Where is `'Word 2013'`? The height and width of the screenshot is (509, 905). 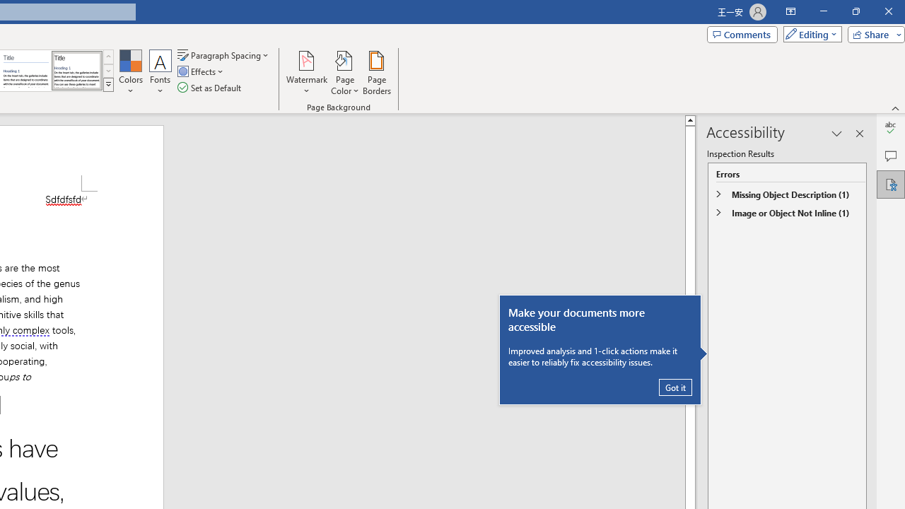
'Word 2013' is located at coordinates (76, 71).